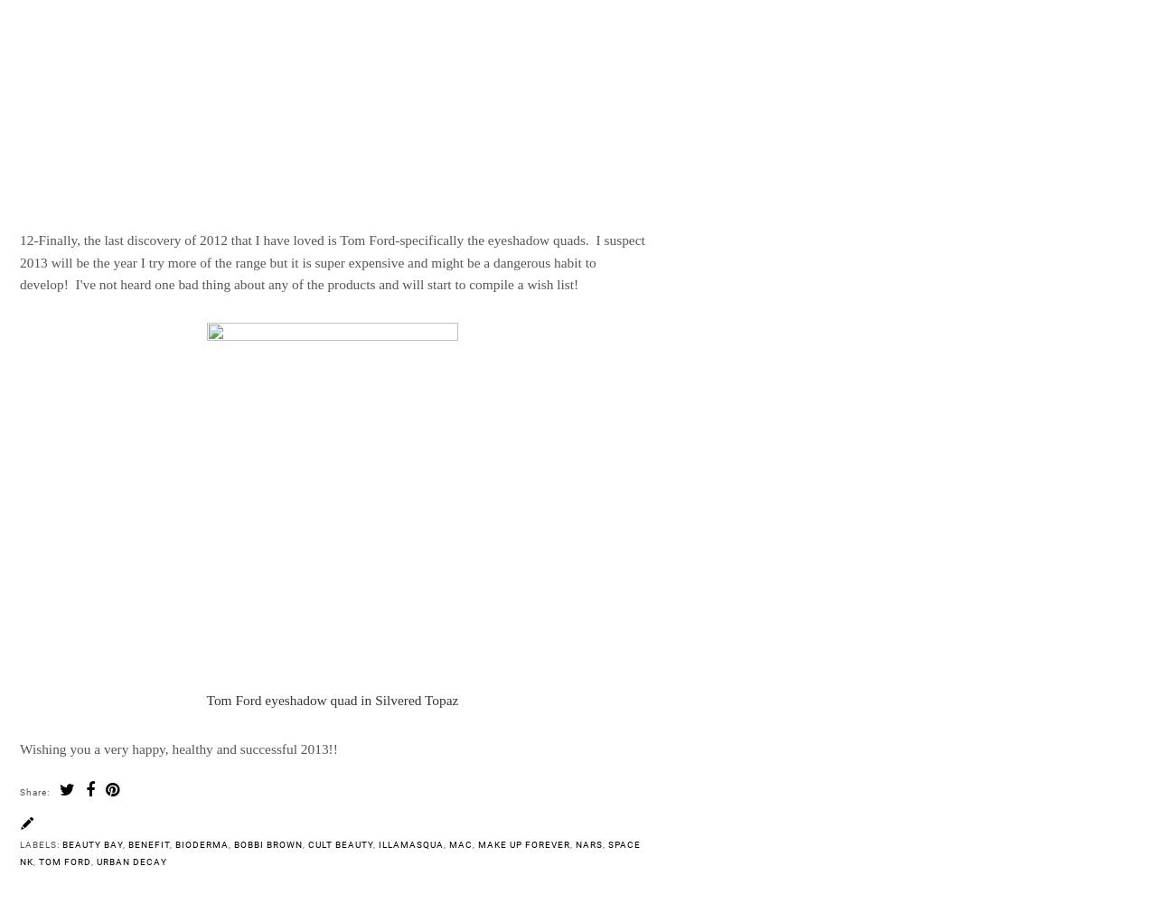 Image resolution: width=1164 pixels, height=904 pixels. What do you see at coordinates (332, 261) in the screenshot?
I see `'12-Finally, the last discovery of 2012 that I have loved is Tom Ford-specifically the eyeshadow quads.  I suspect 2013 will be the year I try more of the range but it is super expensive and might be a dangerous habit to develop!  I've not heard one bad thing about any of the products and will start to compile a wish list!'` at bounding box center [332, 261].